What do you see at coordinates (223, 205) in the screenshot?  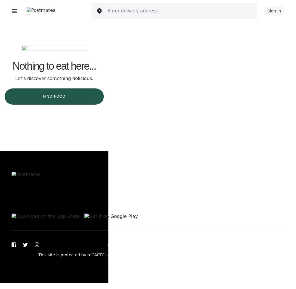 I see `'English'` at bounding box center [223, 205].